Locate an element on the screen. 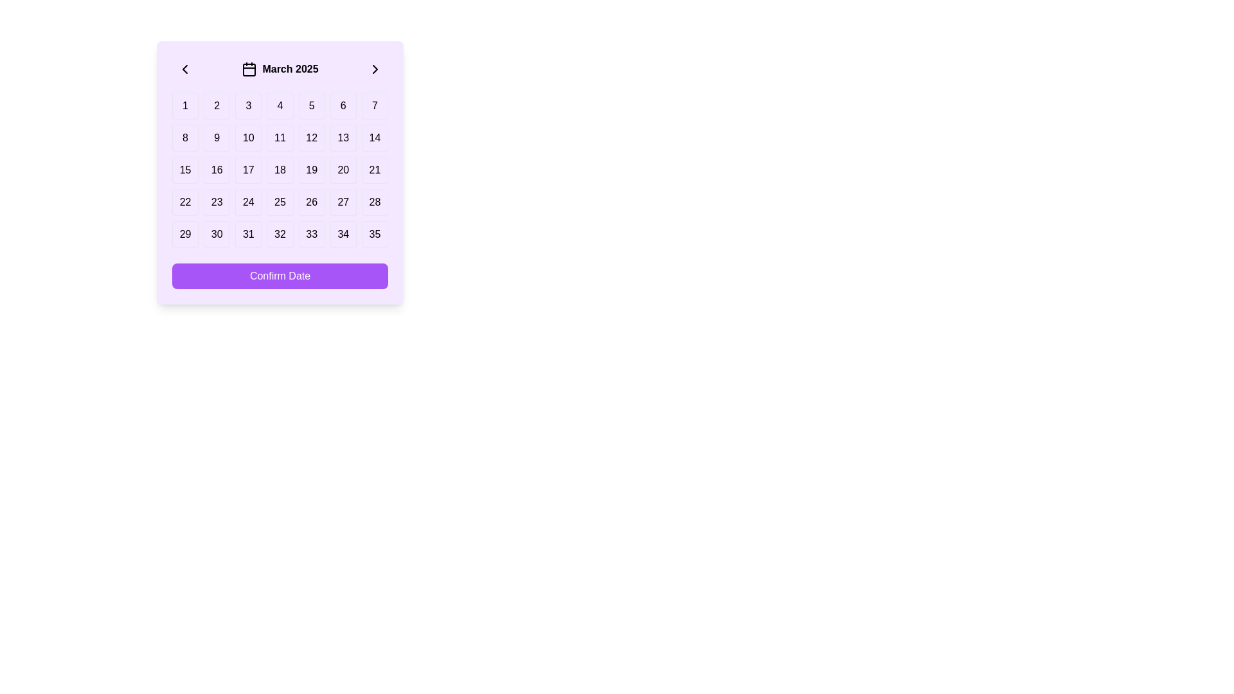 This screenshot has height=694, width=1234. the square button with rounded corners displaying '4' is located at coordinates (280, 105).